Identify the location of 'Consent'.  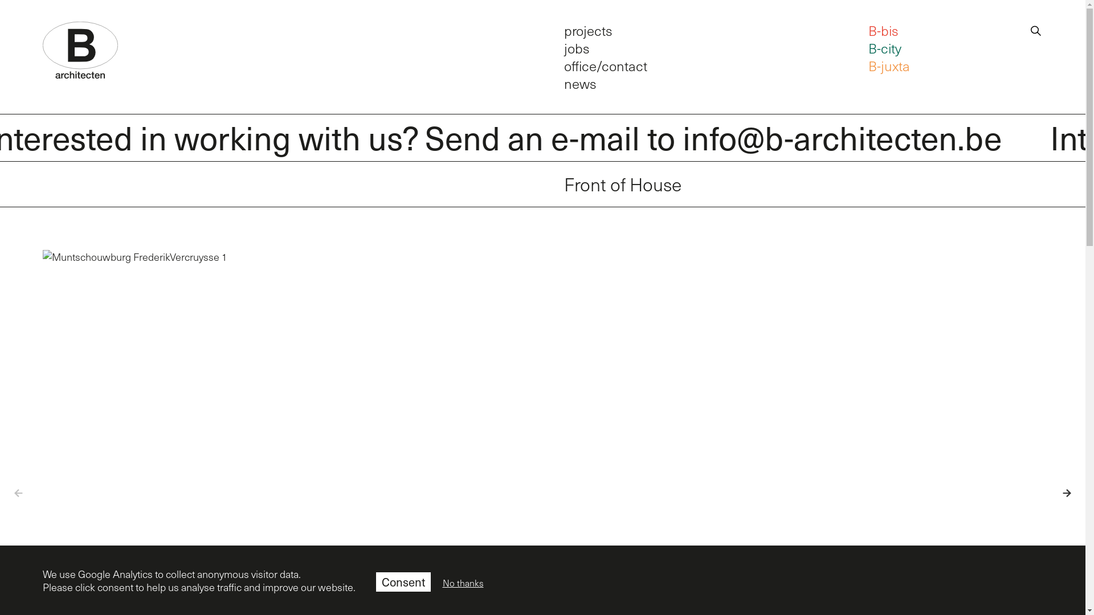
(403, 581).